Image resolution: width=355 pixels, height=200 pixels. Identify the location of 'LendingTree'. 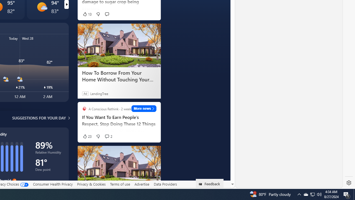
(99, 93).